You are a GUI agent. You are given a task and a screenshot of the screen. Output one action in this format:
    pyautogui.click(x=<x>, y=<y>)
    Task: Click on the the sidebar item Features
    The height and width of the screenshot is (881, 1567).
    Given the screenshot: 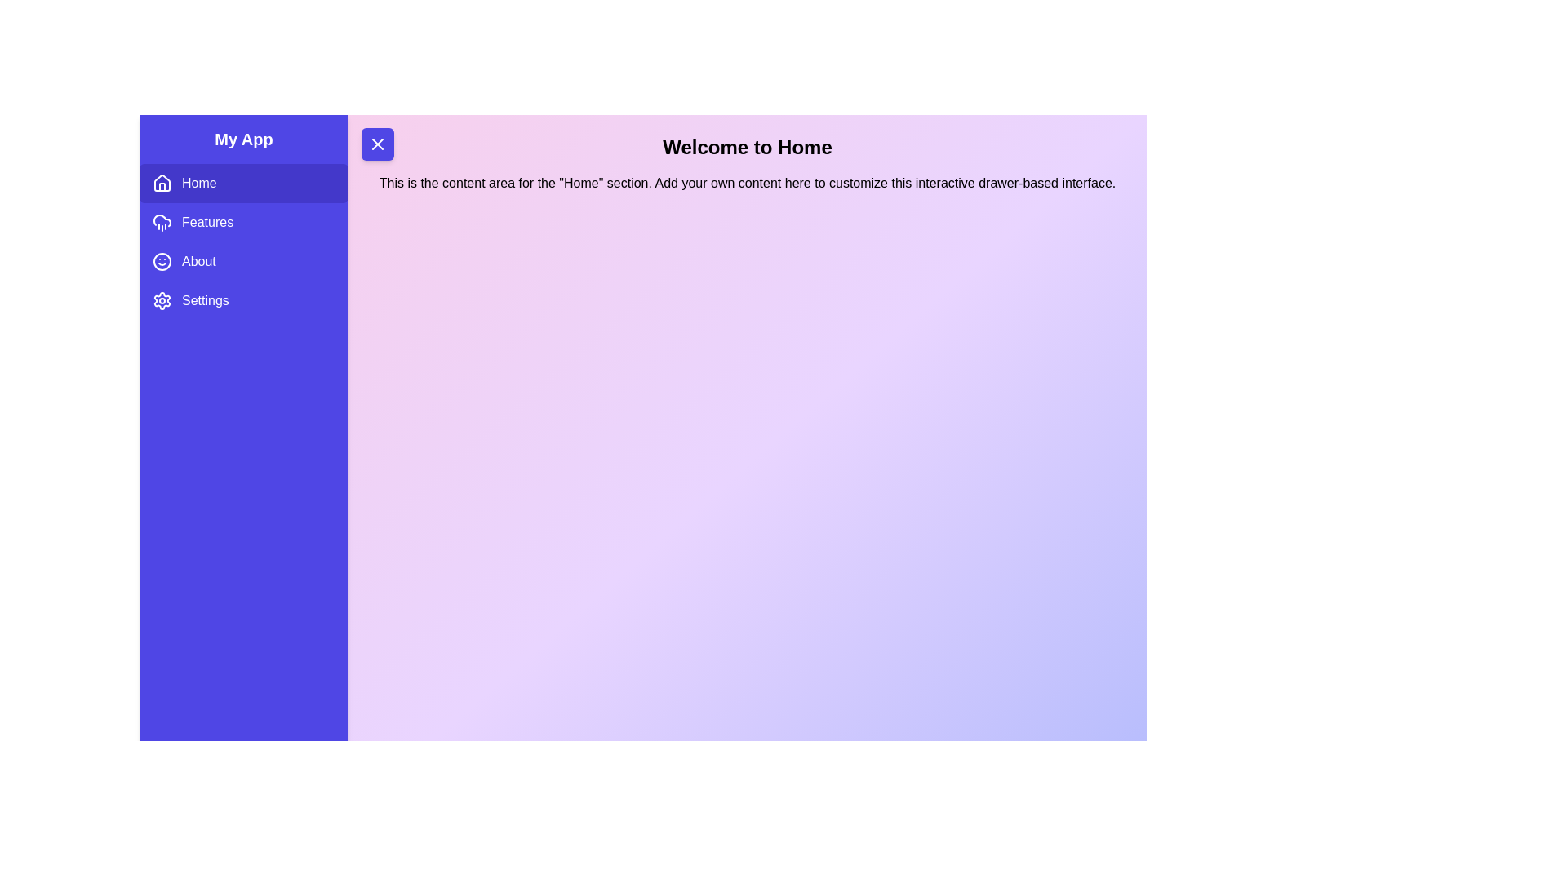 What is the action you would take?
    pyautogui.click(x=242, y=223)
    